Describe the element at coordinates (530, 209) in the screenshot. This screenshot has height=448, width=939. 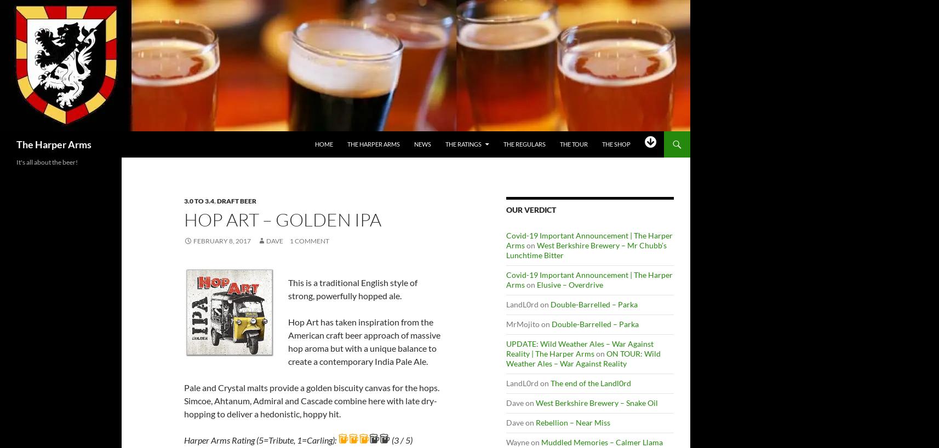
I see `'Our Verdict'` at that location.